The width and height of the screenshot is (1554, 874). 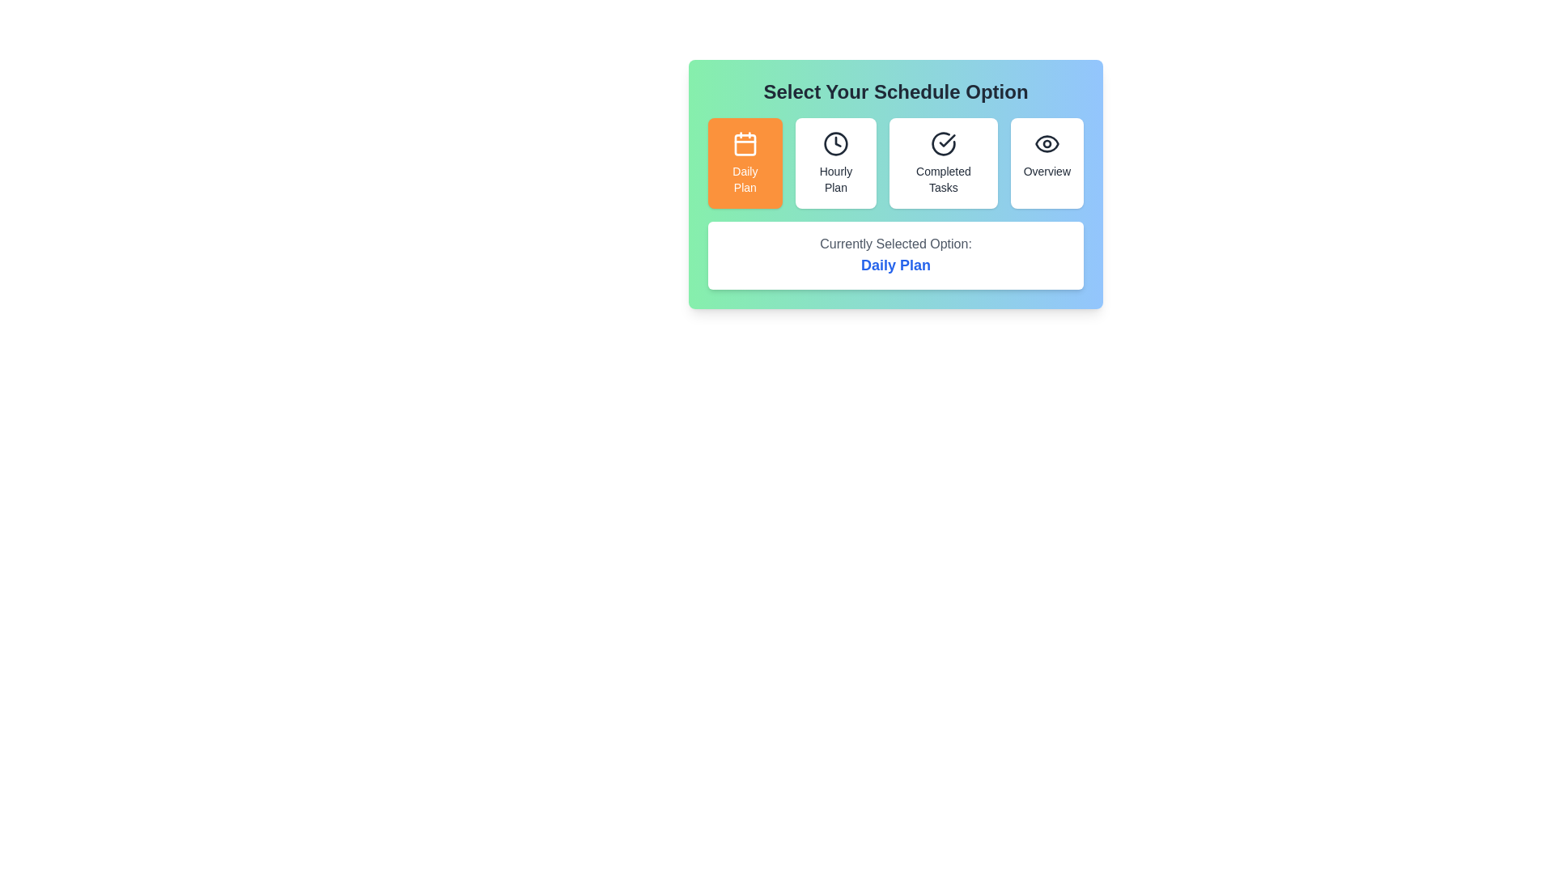 I want to click on the schedule option Completed Tasks, so click(x=944, y=163).